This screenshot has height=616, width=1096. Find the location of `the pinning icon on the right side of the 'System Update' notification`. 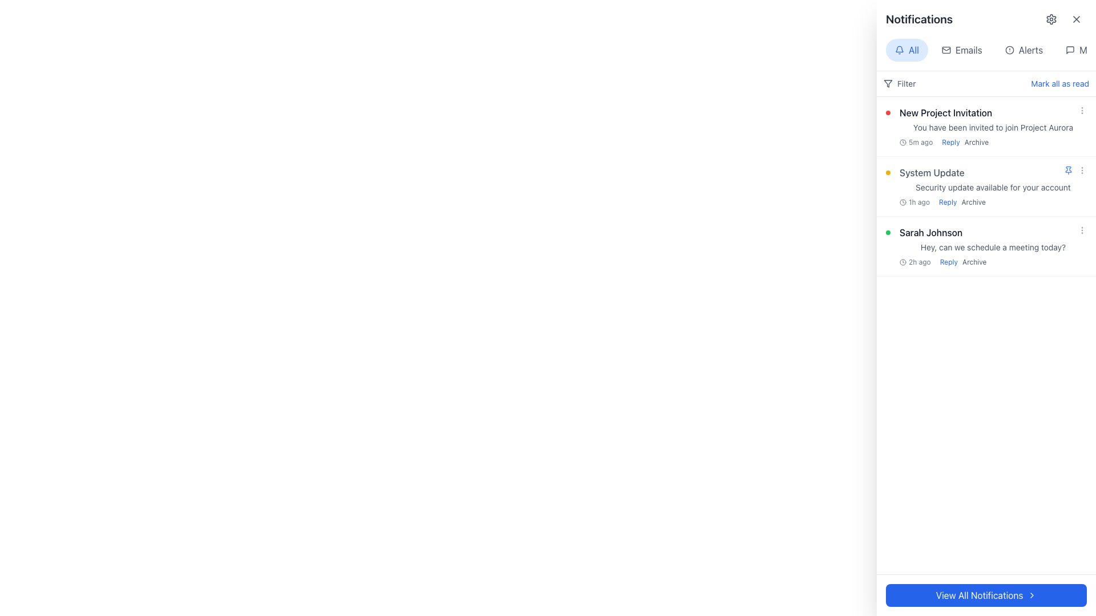

the pinning icon on the right side of the 'System Update' notification is located at coordinates (1068, 169).